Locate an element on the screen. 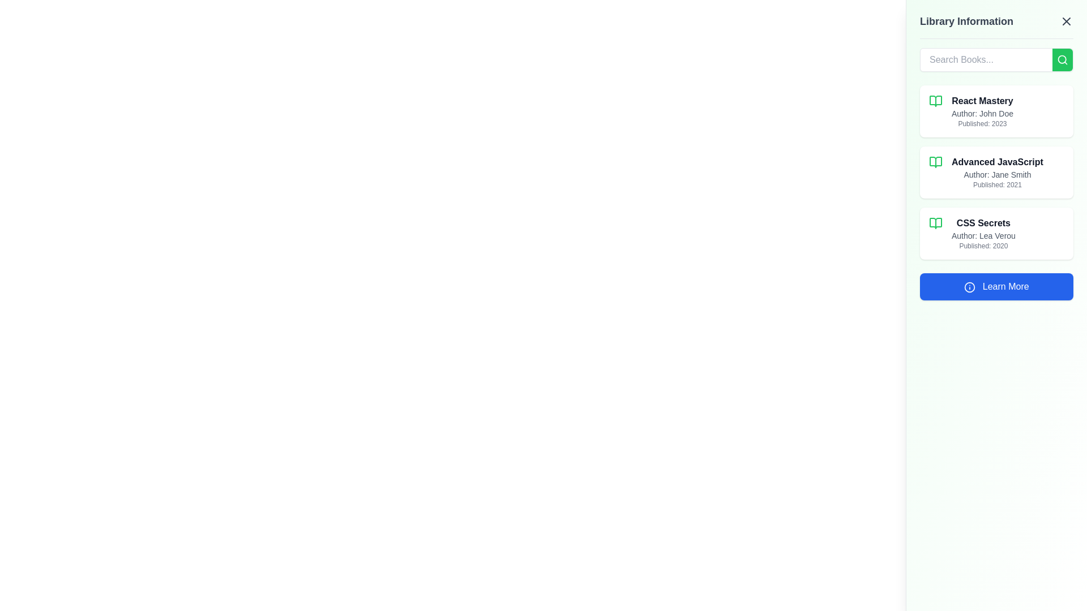  the static text label that displays 'Published: 2021' in gray color, located beneath the author's name 'Jane Smith' in the section for 'Advanced JavaScript' is located at coordinates (997, 184).